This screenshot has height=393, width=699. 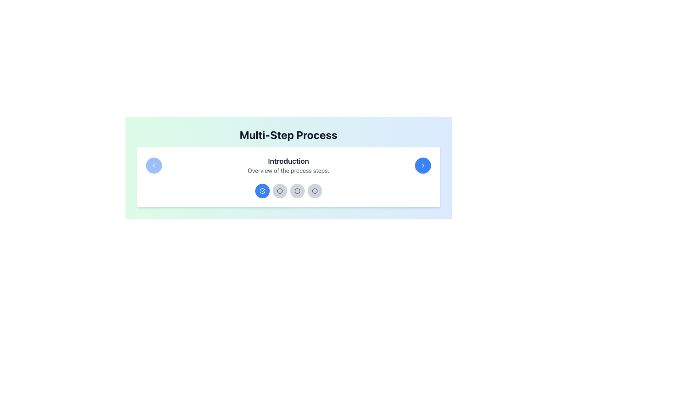 I want to click on the third circular button in the sequence under the 'Introduction' section, so click(x=297, y=190).